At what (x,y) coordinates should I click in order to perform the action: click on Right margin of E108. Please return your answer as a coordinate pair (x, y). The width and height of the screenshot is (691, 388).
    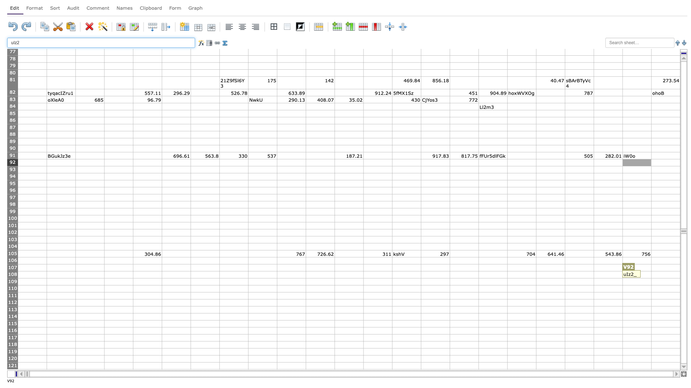
    Looking at the image, I should click on (162, 274).